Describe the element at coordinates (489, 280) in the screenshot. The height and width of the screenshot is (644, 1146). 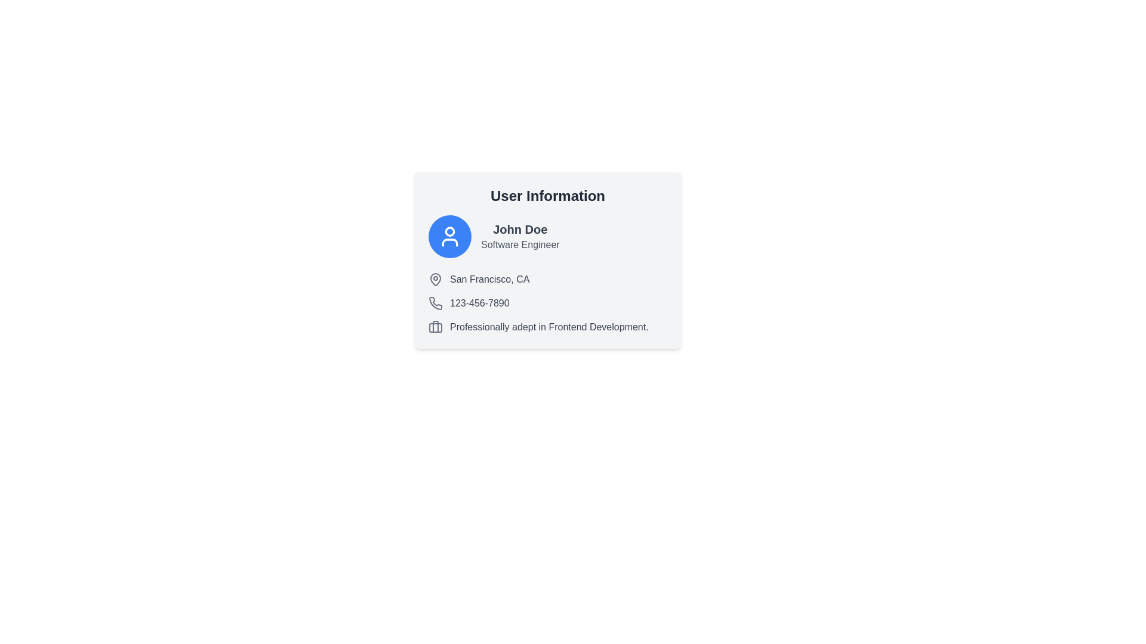
I see `text label that displays 'San Francisco, CA', which is styled in gray and positioned next to a map pin icon` at that location.